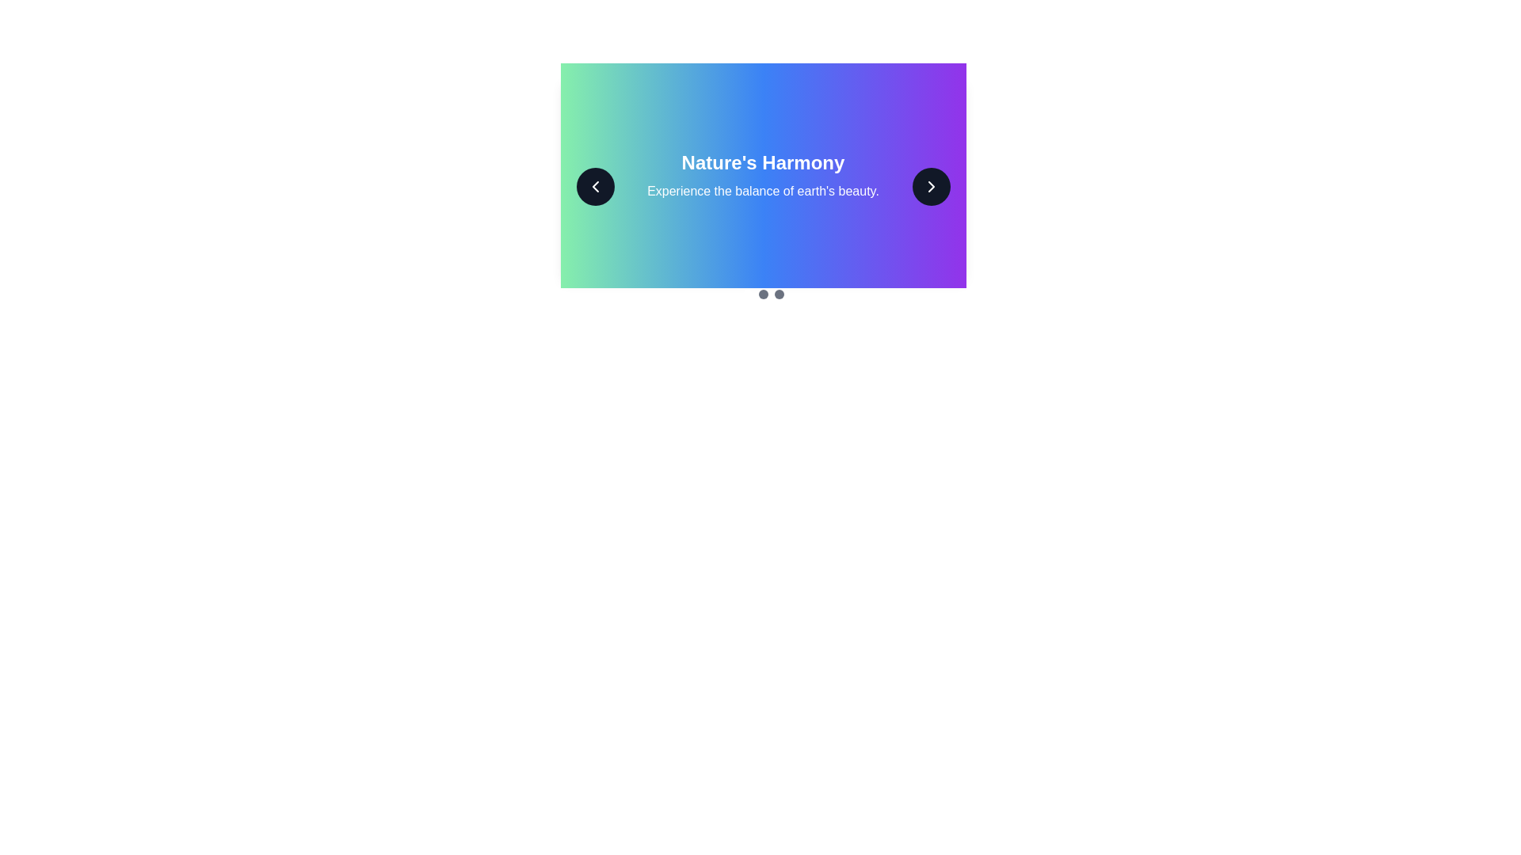  What do you see at coordinates (779, 294) in the screenshot?
I see `the third circular navigation indicator, which is a small gray circle indicating it is interactive` at bounding box center [779, 294].